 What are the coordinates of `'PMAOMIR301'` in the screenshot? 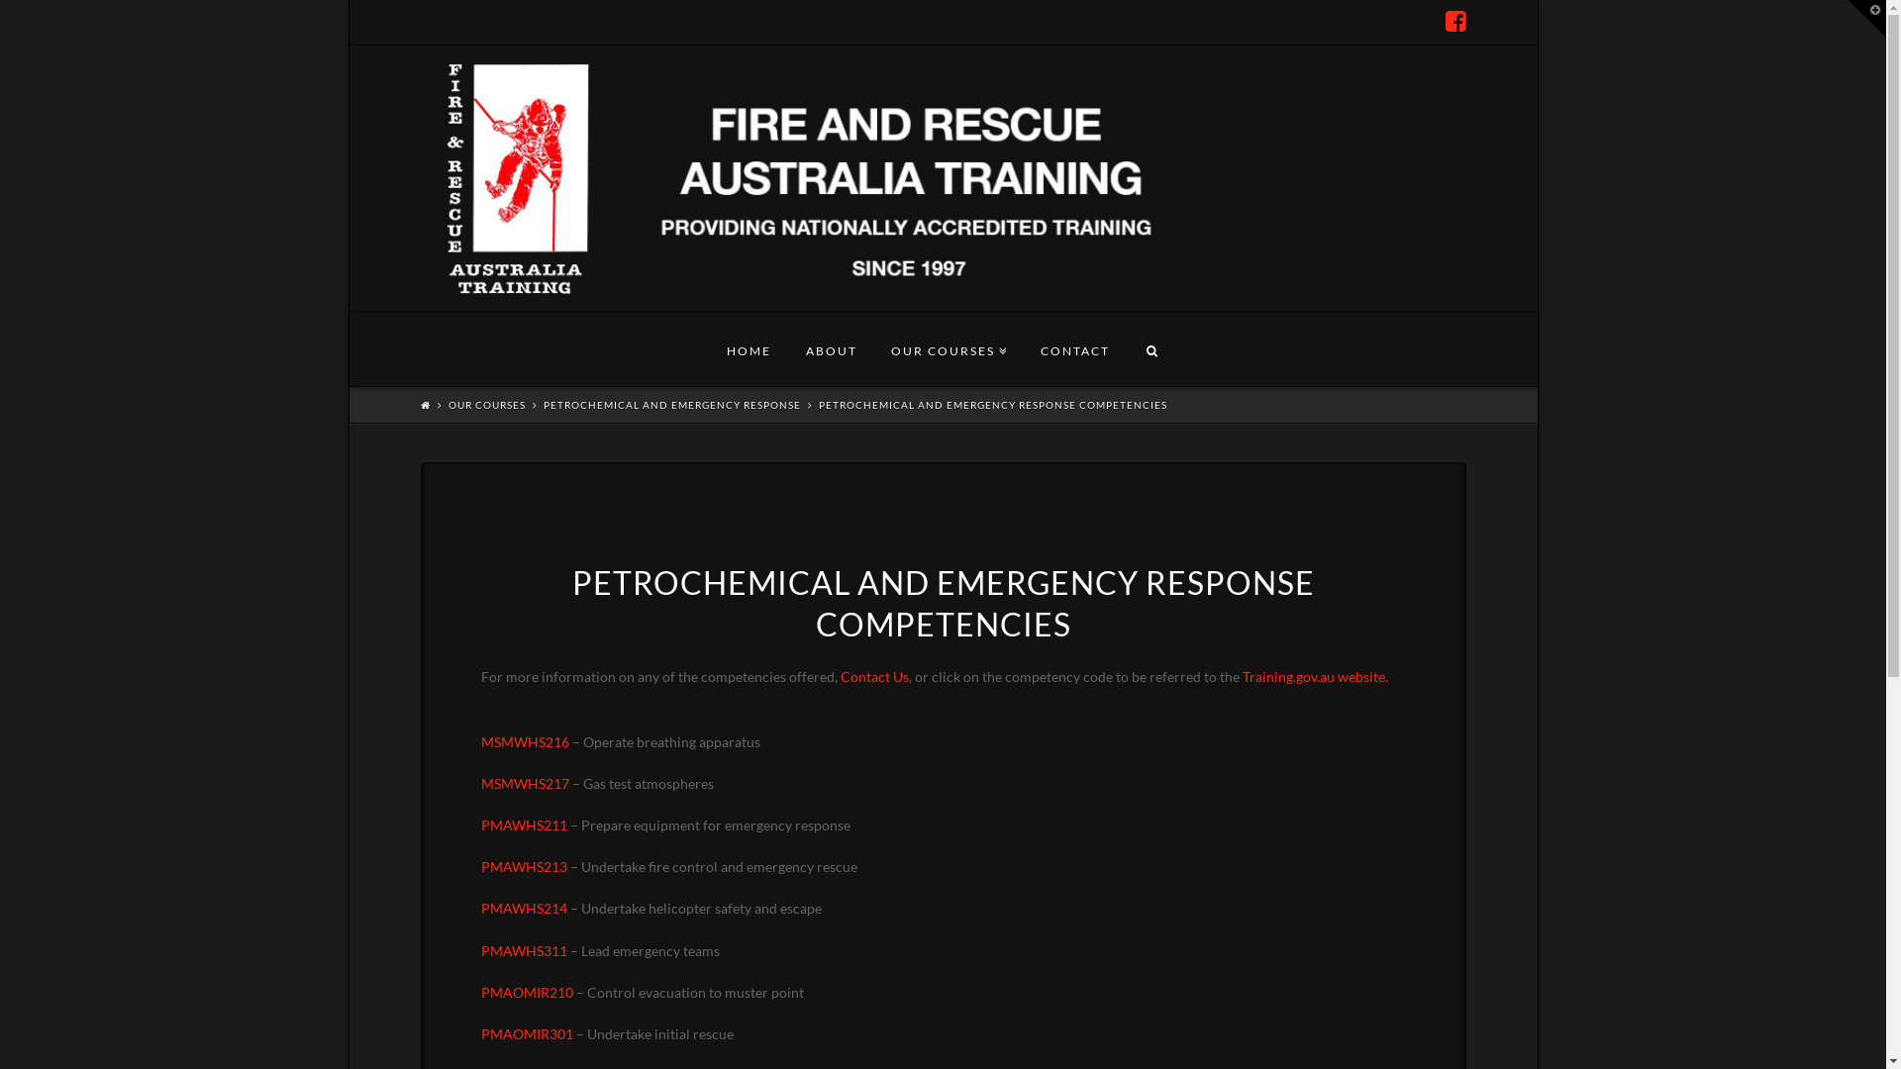 It's located at (480, 1032).